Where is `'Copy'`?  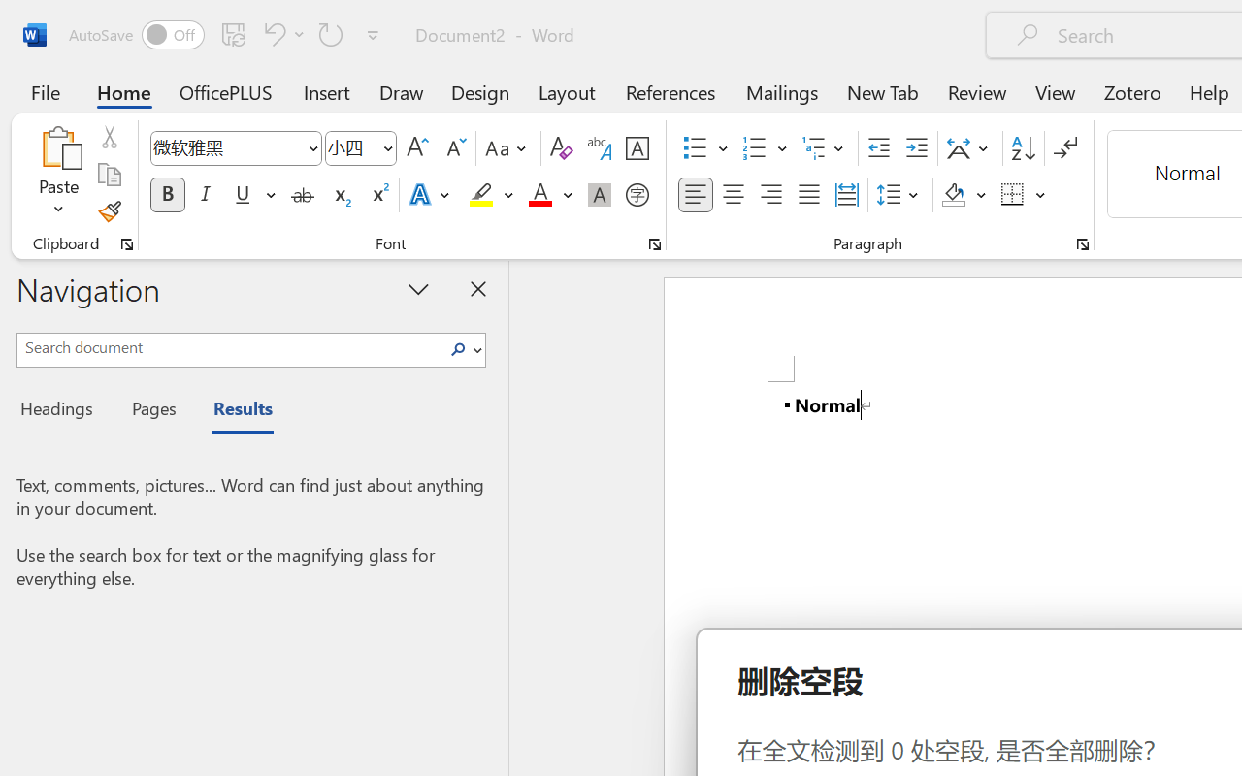 'Copy' is located at coordinates (108, 174).